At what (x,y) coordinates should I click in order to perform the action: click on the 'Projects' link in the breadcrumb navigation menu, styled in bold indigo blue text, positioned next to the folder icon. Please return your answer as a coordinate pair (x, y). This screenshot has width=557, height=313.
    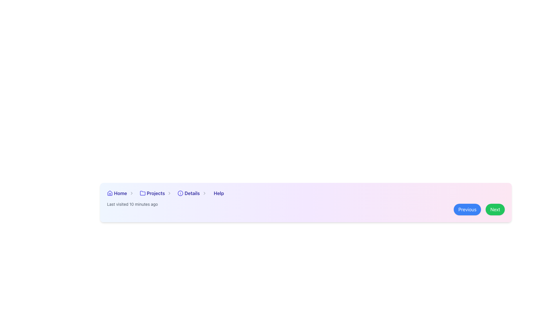
    Looking at the image, I should click on (156, 193).